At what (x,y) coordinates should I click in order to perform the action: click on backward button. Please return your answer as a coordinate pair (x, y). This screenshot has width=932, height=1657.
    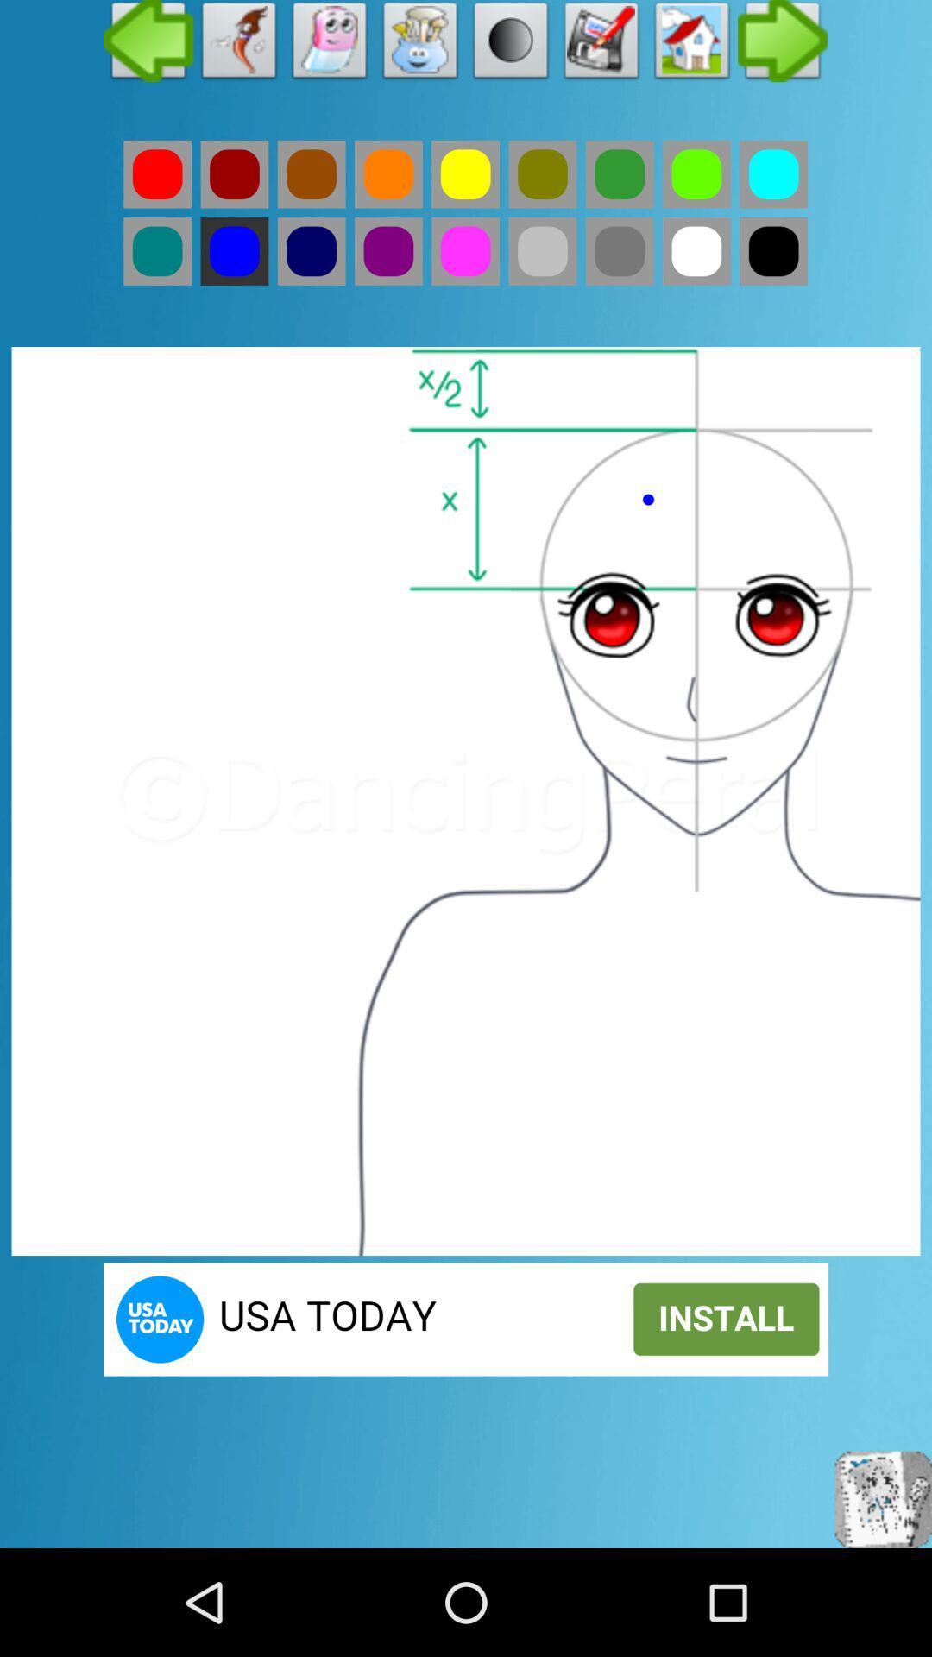
    Looking at the image, I should click on (148, 45).